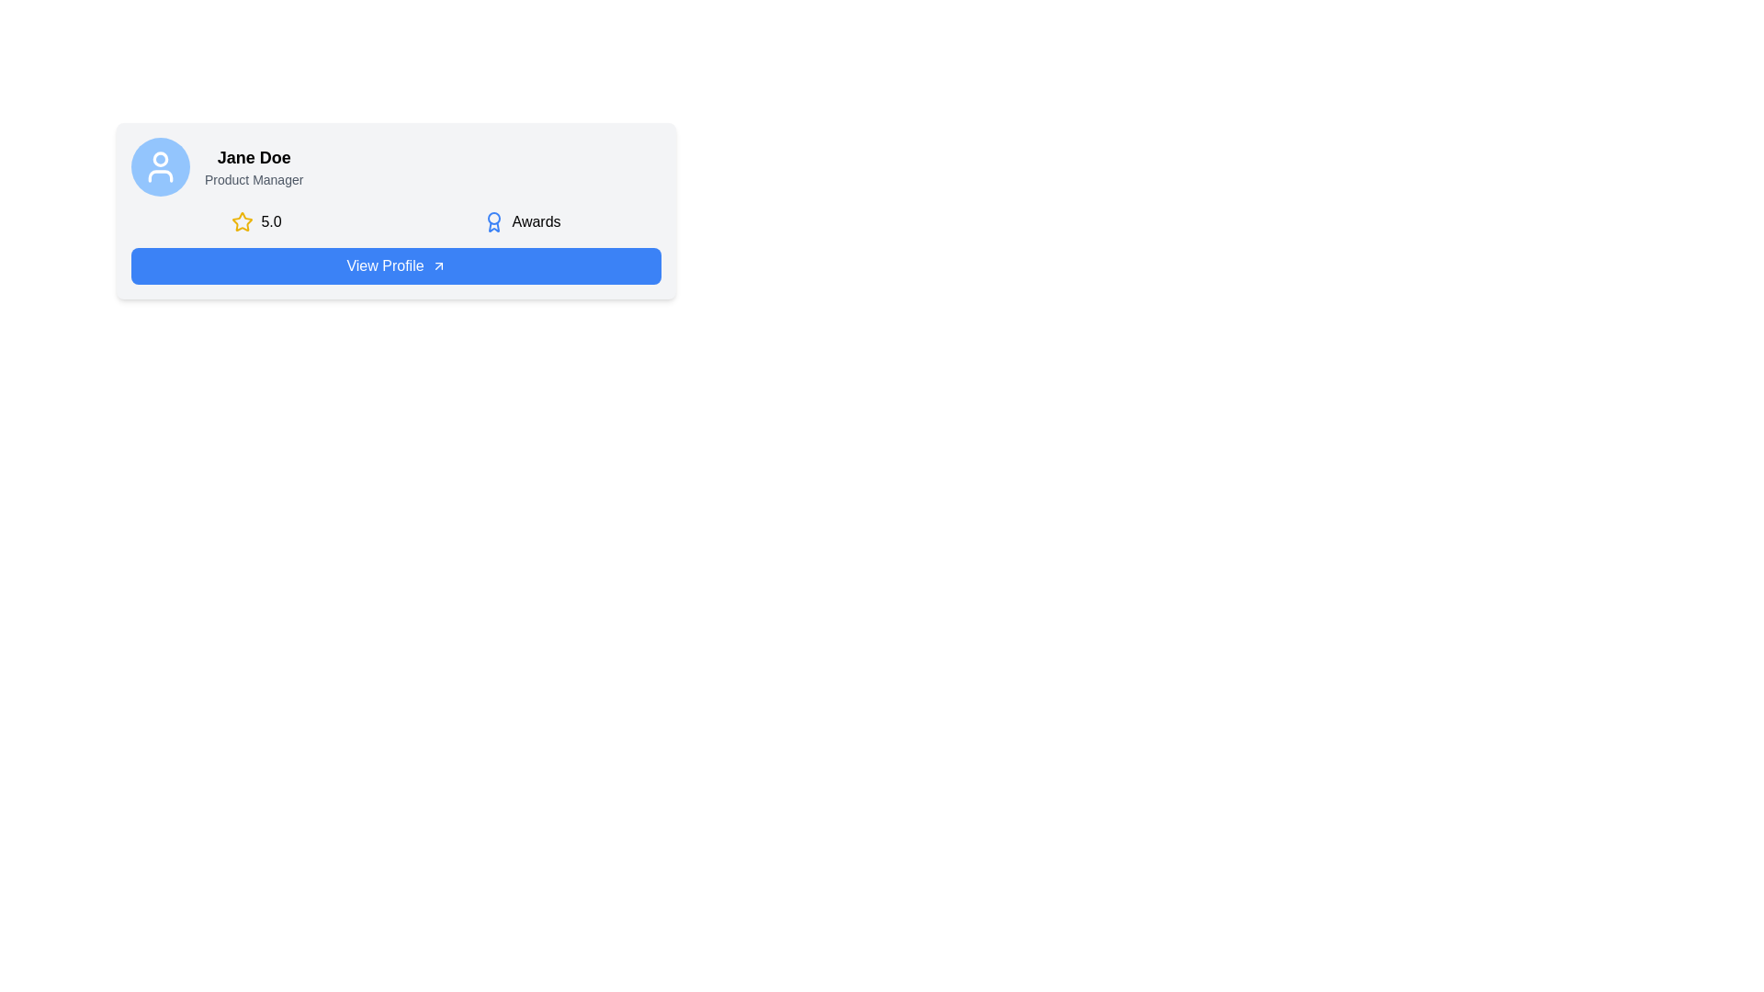 Image resolution: width=1764 pixels, height=992 pixels. I want to click on the label 'View Profile' on the button which is part of the profile card layout, displaying in white font against a blue background, so click(384, 265).